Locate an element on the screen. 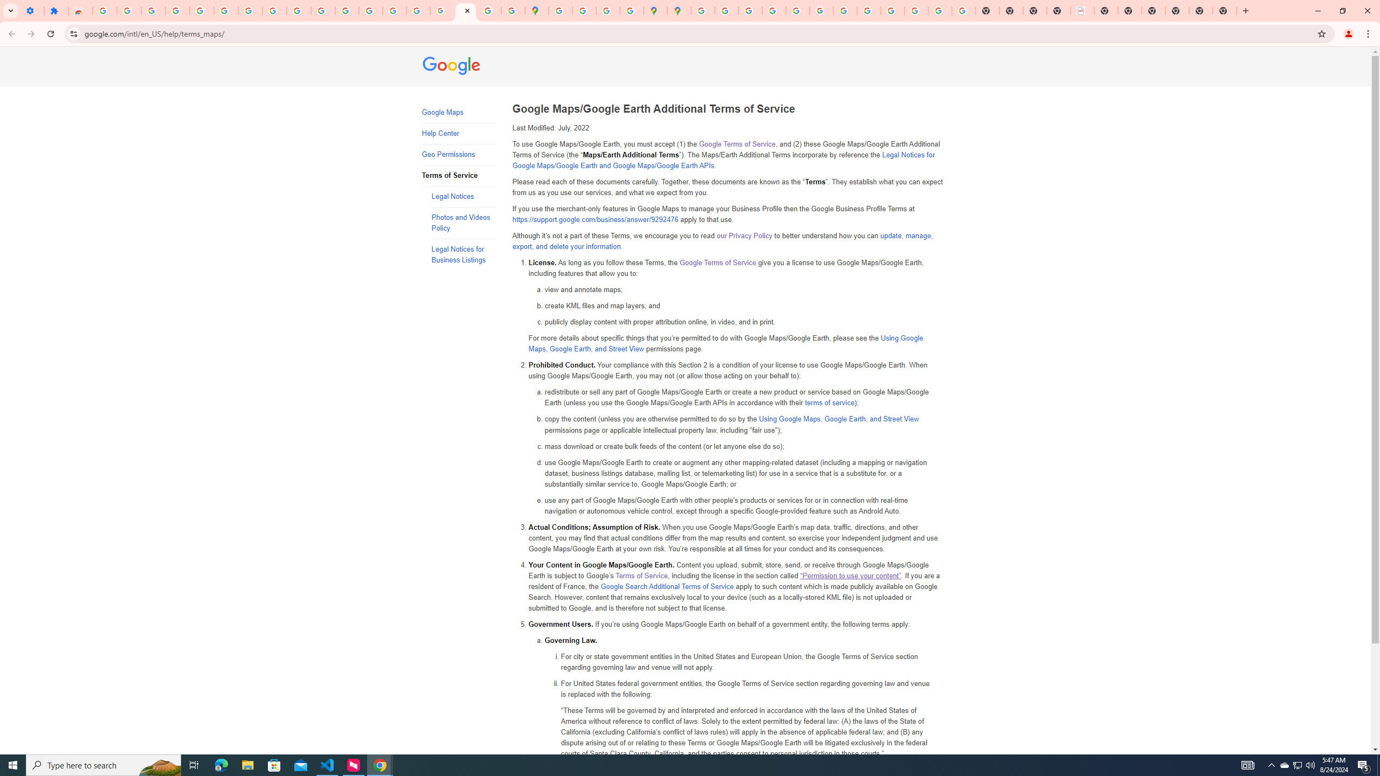  'Help Center' is located at coordinates (459, 134).